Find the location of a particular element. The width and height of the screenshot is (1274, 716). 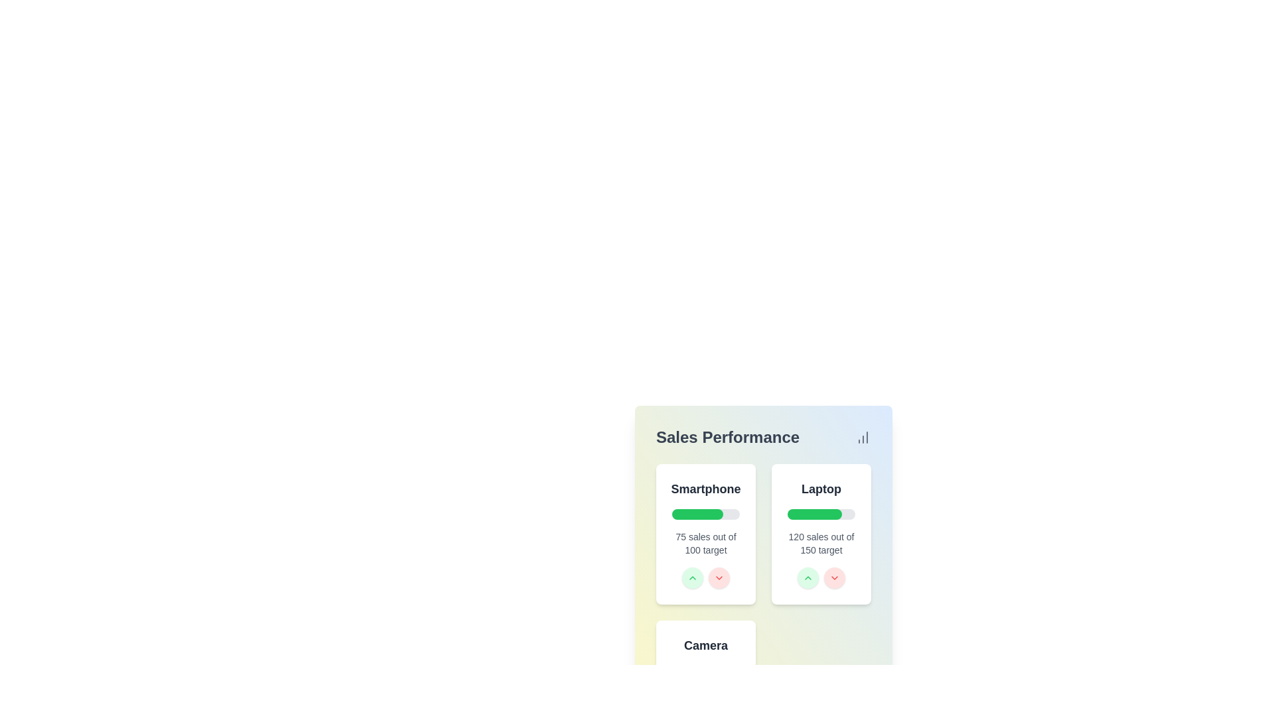

the green progress indicator located below the 'Laptop' title in the 'Sales Performance' section is located at coordinates (814, 513).